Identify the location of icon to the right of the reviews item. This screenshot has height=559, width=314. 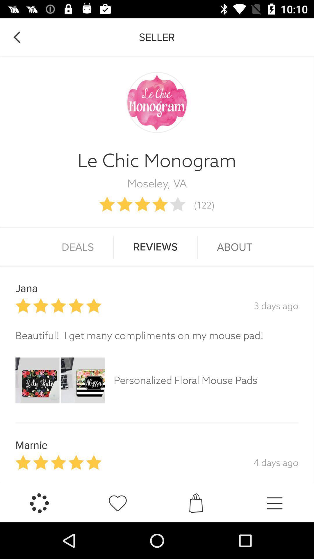
(234, 247).